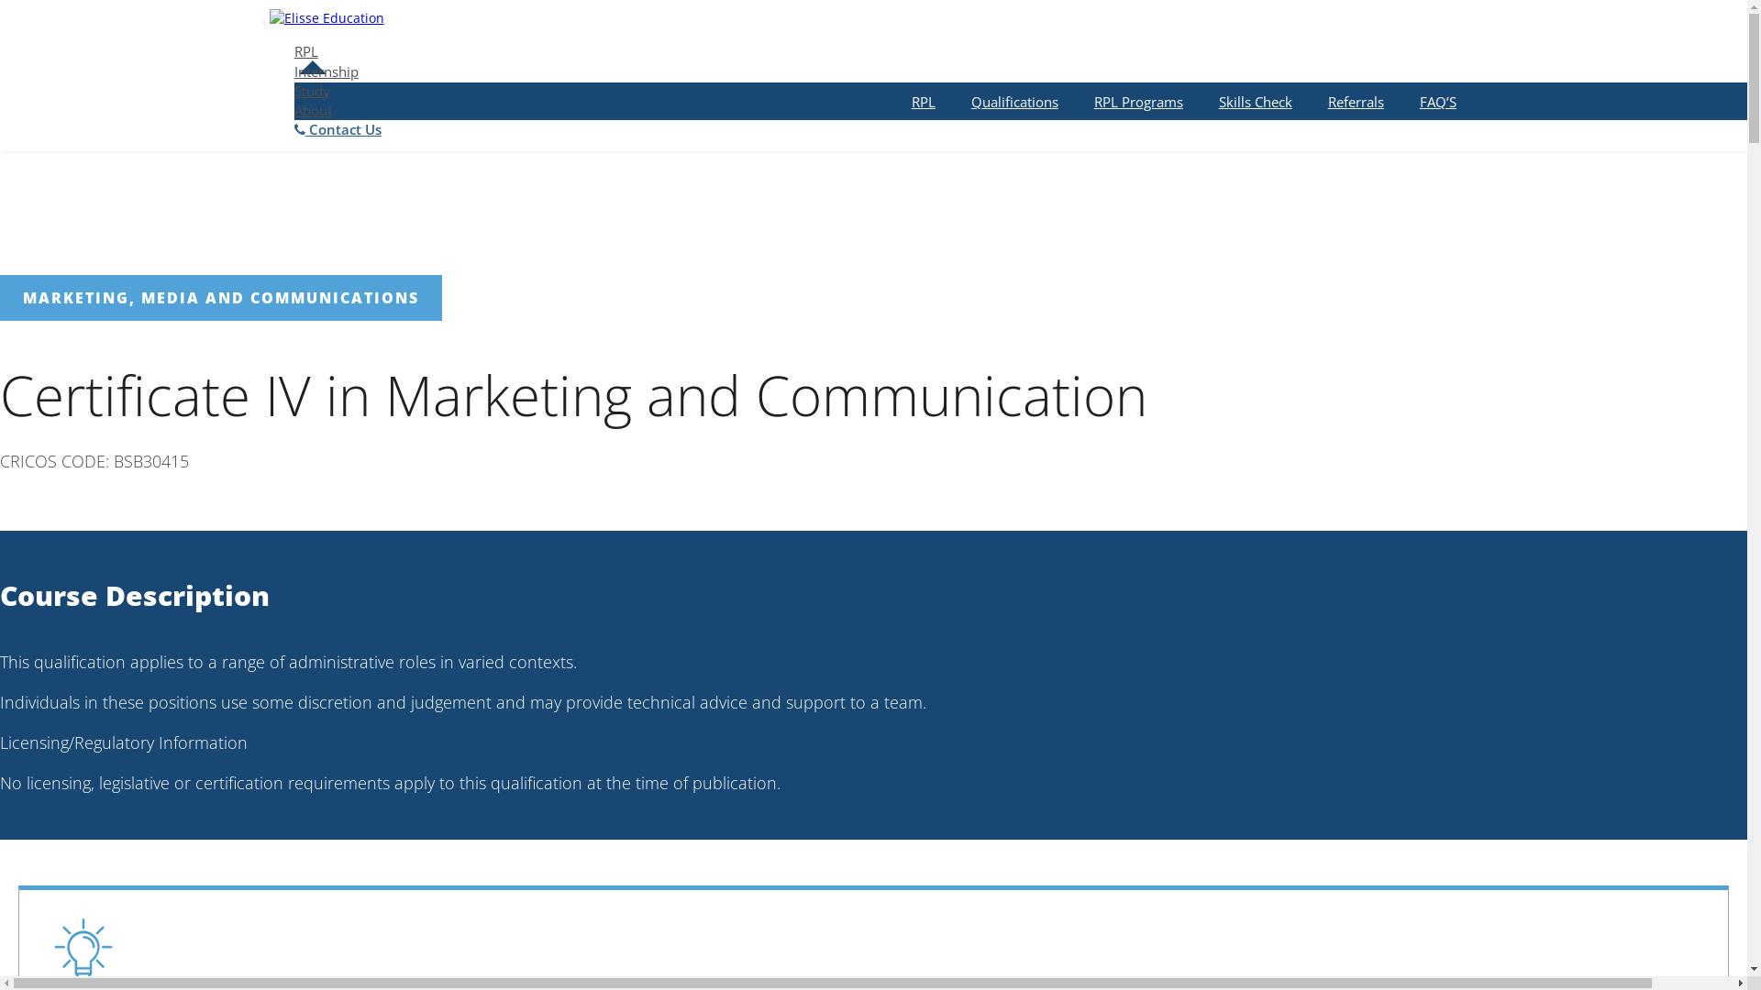 This screenshot has width=1761, height=990. What do you see at coordinates (338, 128) in the screenshot?
I see `'Contact Us'` at bounding box center [338, 128].